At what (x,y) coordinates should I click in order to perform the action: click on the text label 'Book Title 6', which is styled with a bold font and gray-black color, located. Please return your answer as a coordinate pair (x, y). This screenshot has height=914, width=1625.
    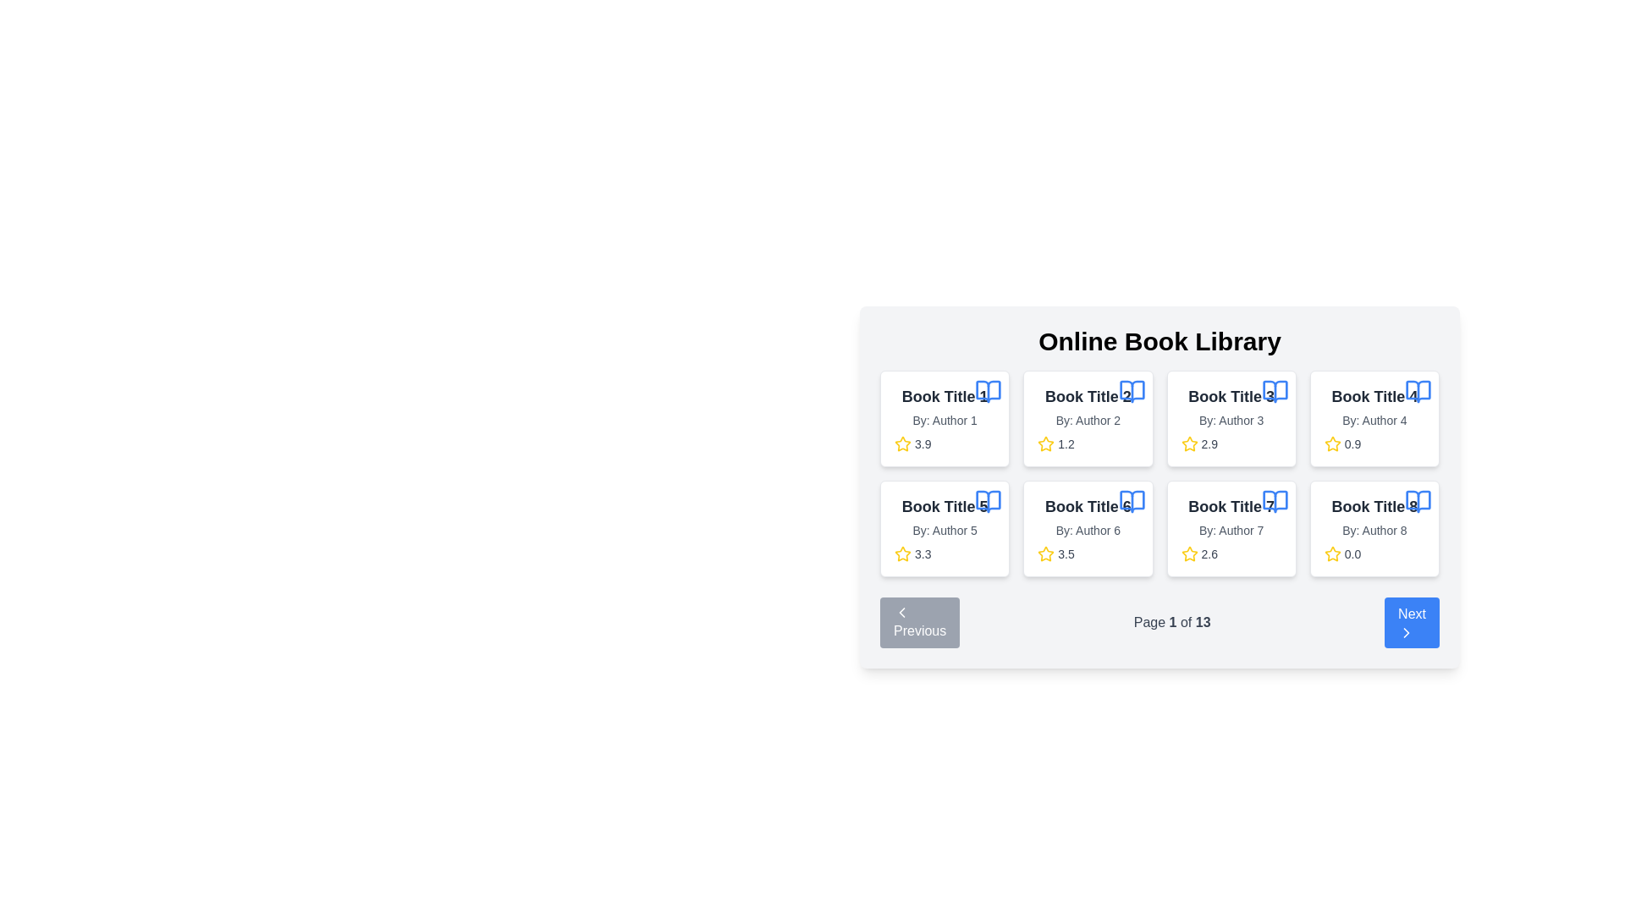
    Looking at the image, I should click on (1088, 505).